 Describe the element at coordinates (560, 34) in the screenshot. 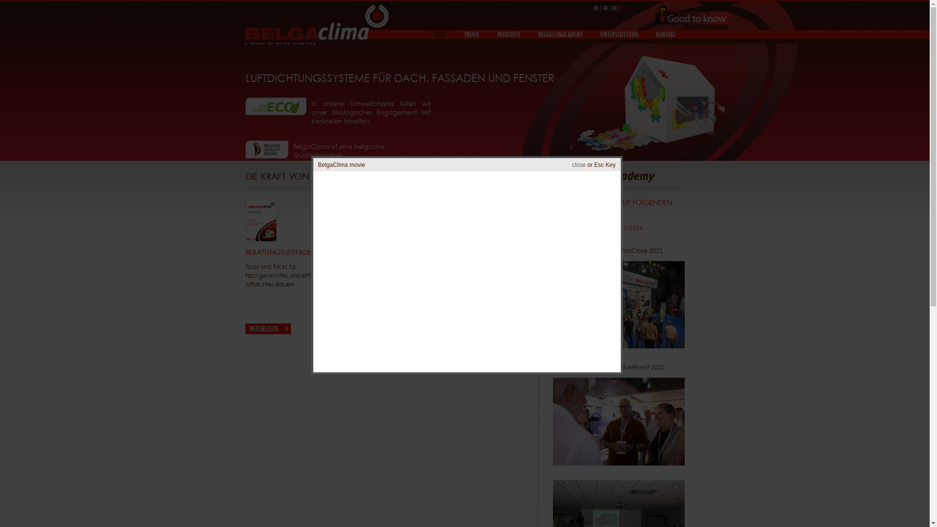

I see `'BELGACLIMACADEMY'` at that location.